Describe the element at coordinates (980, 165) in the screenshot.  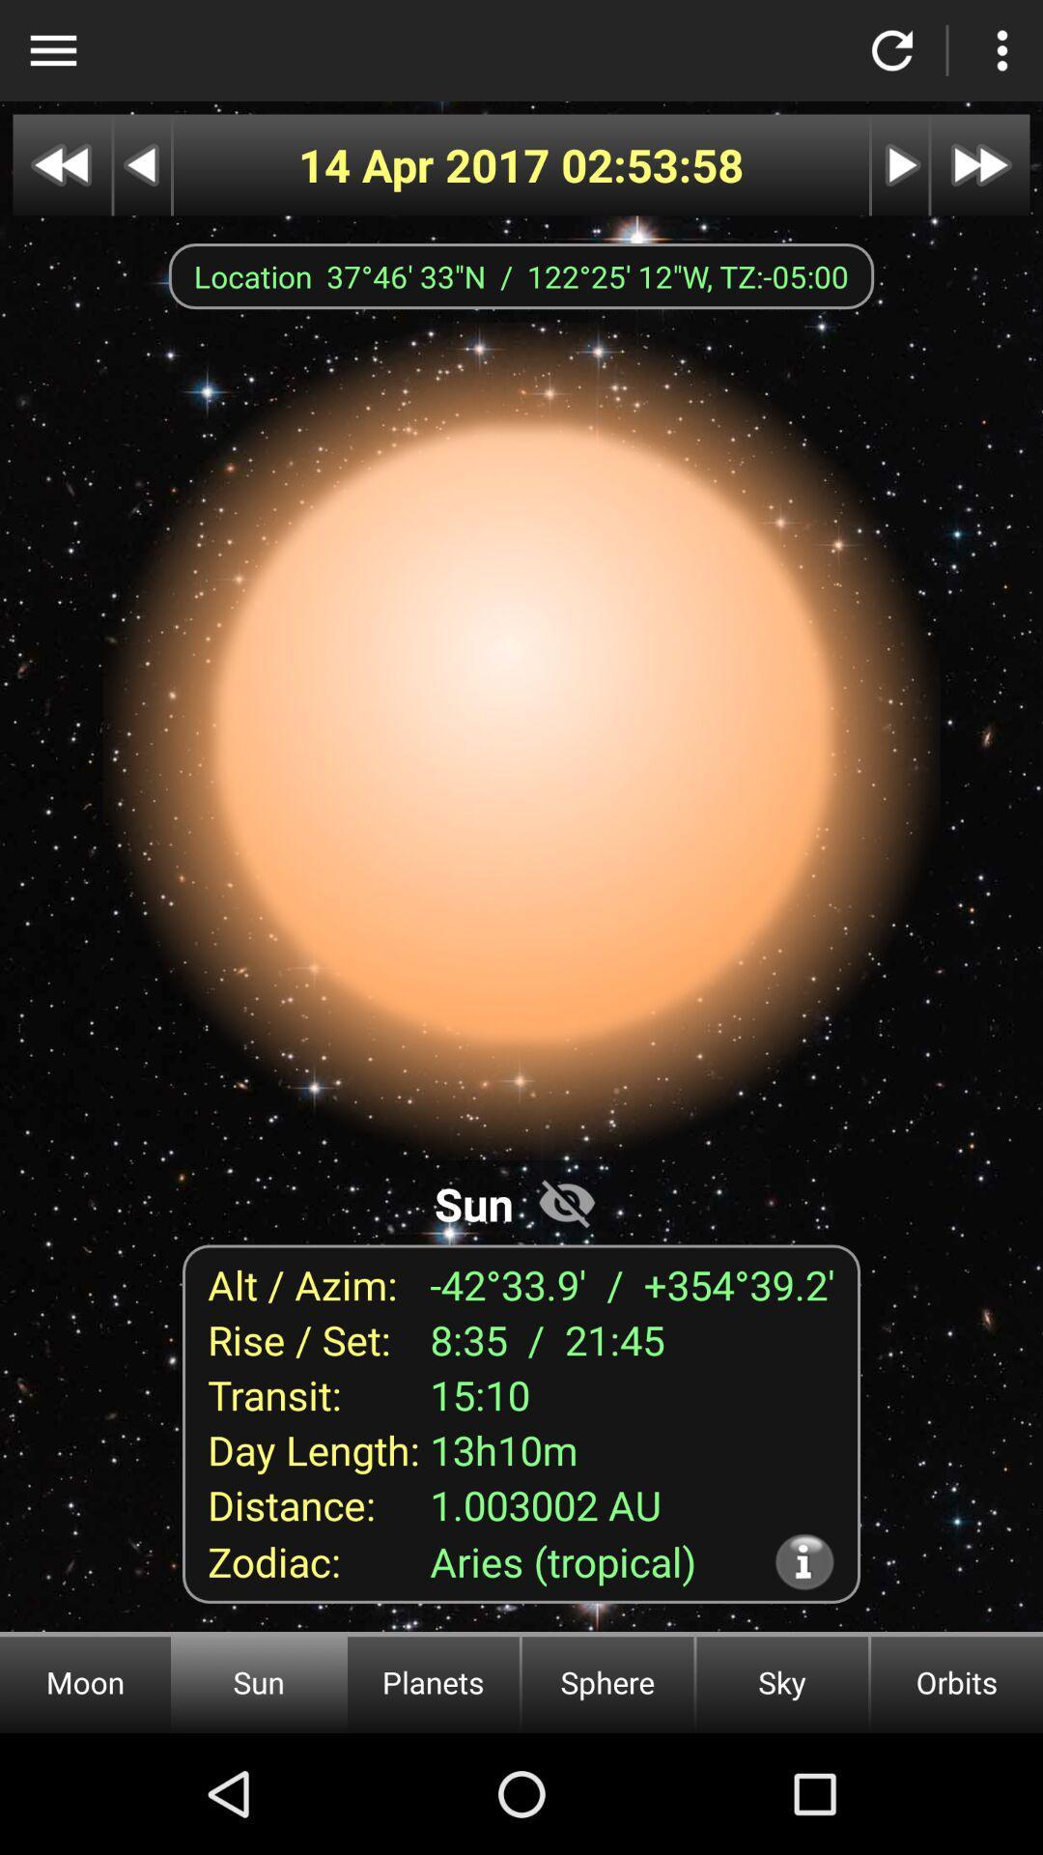
I see `next date` at that location.